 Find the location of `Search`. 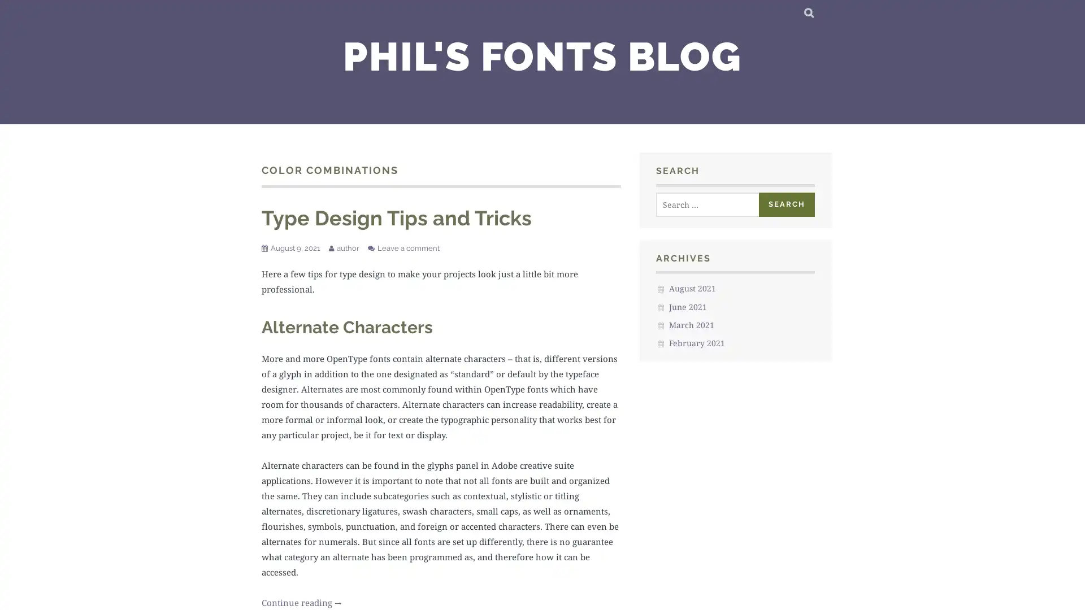

Search is located at coordinates (786, 204).